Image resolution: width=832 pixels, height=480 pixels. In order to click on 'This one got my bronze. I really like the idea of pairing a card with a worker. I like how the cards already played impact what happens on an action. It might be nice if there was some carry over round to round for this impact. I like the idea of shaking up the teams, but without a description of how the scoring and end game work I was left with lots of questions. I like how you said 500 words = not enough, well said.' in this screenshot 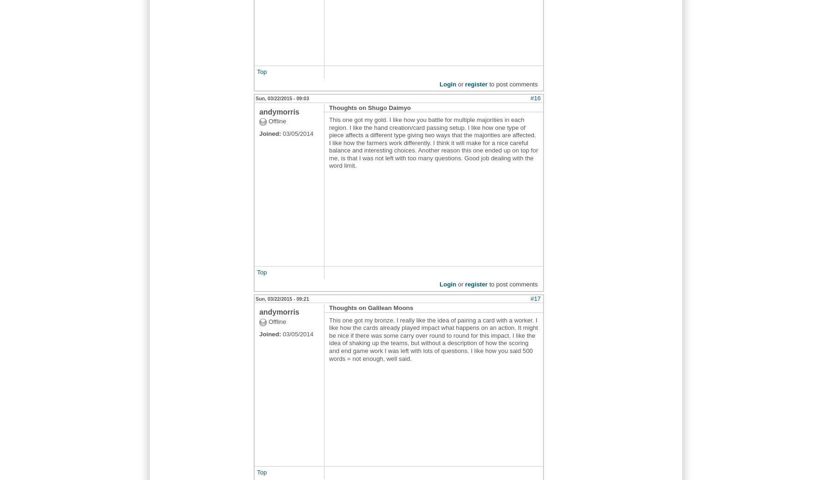, I will do `click(433, 338)`.